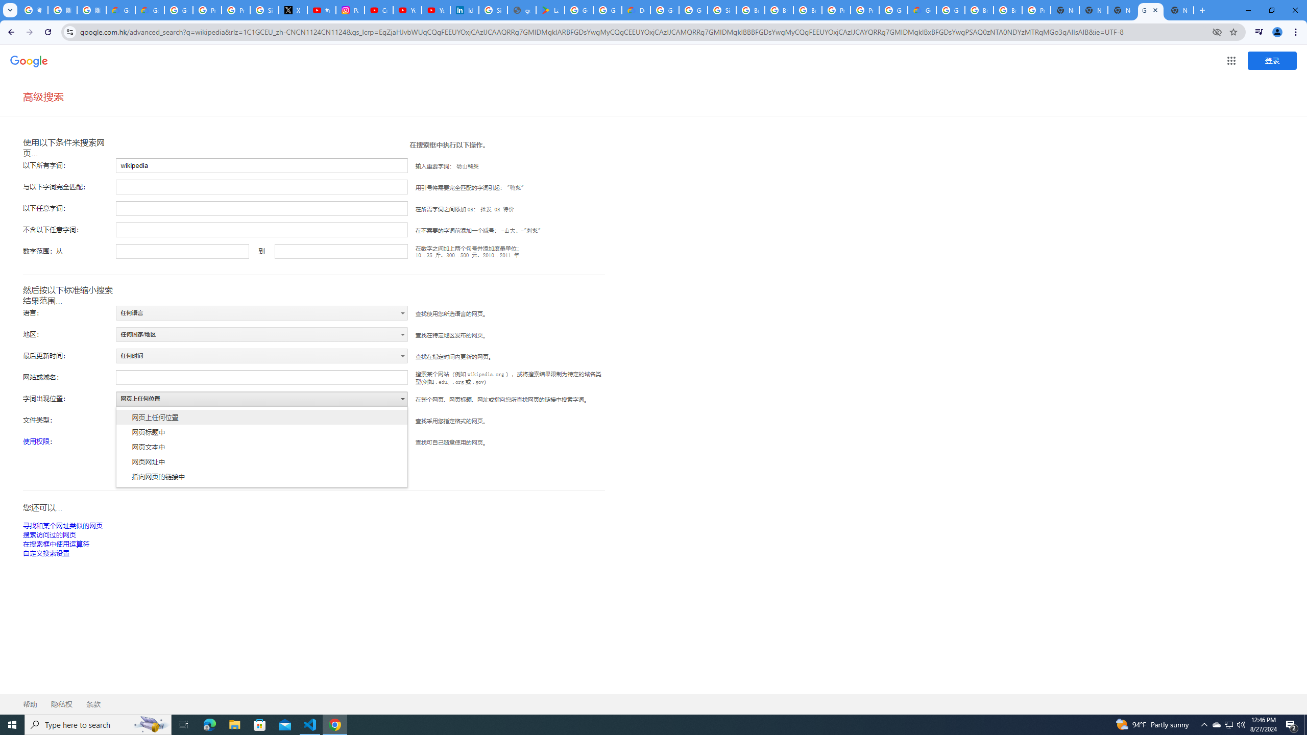  What do you see at coordinates (1179, 10) in the screenshot?
I see `'New Tab'` at bounding box center [1179, 10].